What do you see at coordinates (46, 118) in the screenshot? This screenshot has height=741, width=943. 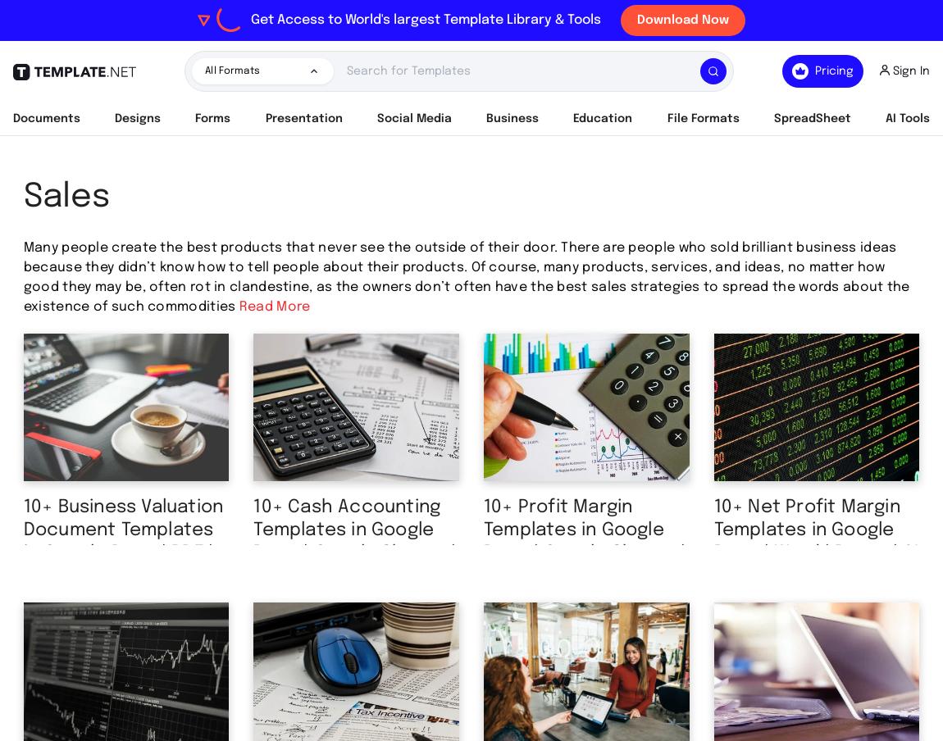 I see `'Documents'` at bounding box center [46, 118].